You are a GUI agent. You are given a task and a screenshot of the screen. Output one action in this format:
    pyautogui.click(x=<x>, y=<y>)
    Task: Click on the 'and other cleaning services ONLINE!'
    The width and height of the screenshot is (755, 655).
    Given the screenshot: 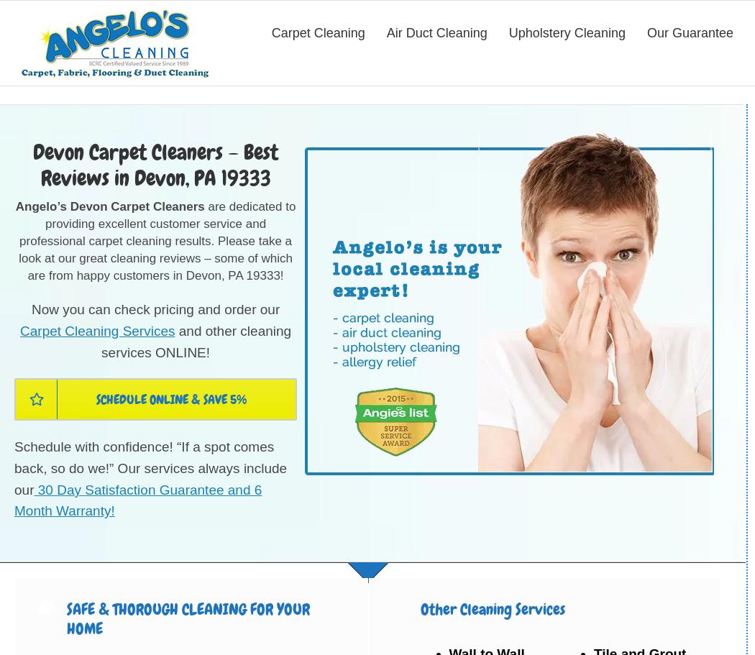 What is the action you would take?
    pyautogui.click(x=196, y=341)
    